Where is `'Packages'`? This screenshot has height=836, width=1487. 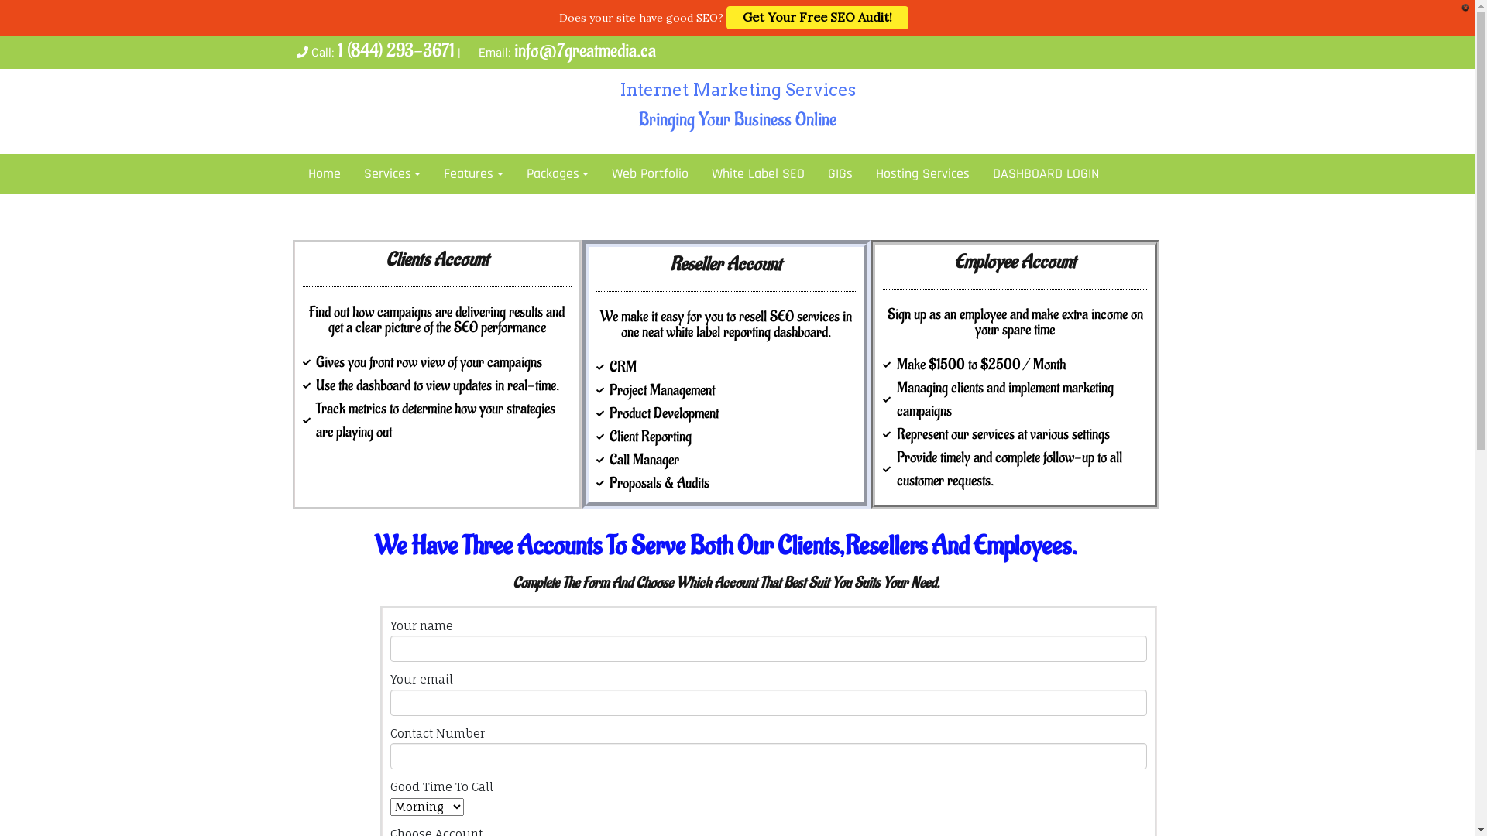
'Packages' is located at coordinates (558, 173).